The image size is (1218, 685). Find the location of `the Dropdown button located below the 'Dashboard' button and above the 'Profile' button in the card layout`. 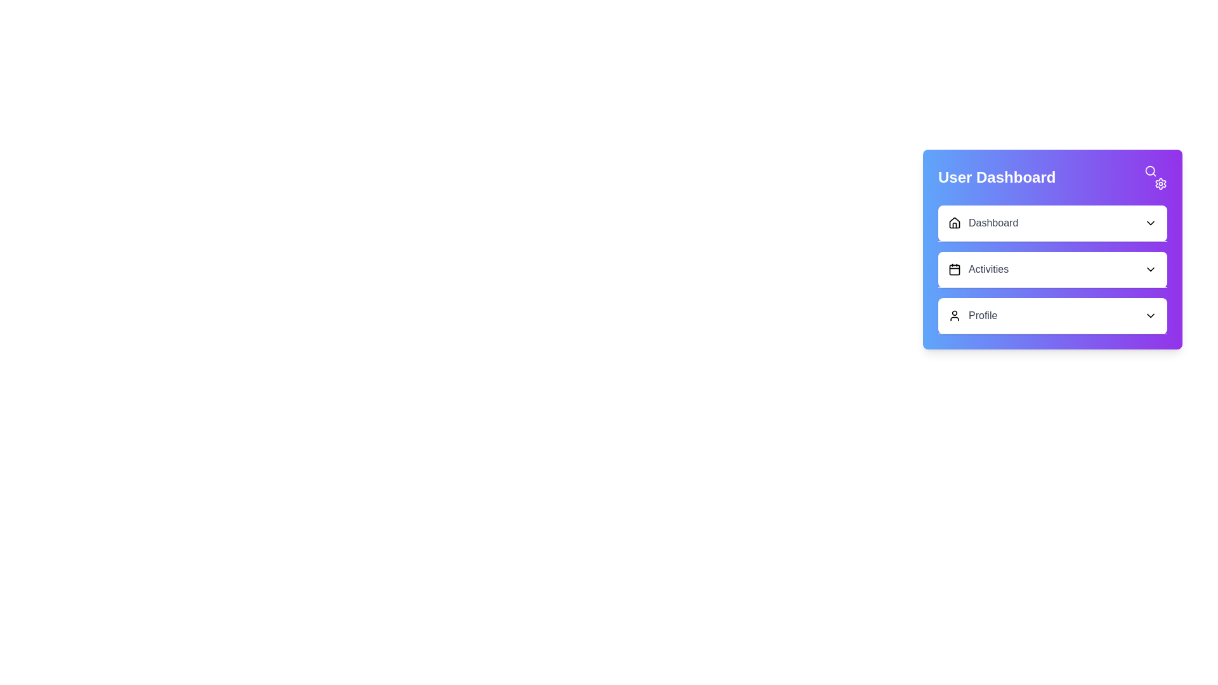

the Dropdown button located below the 'Dashboard' button and above the 'Profile' button in the card layout is located at coordinates (1052, 269).